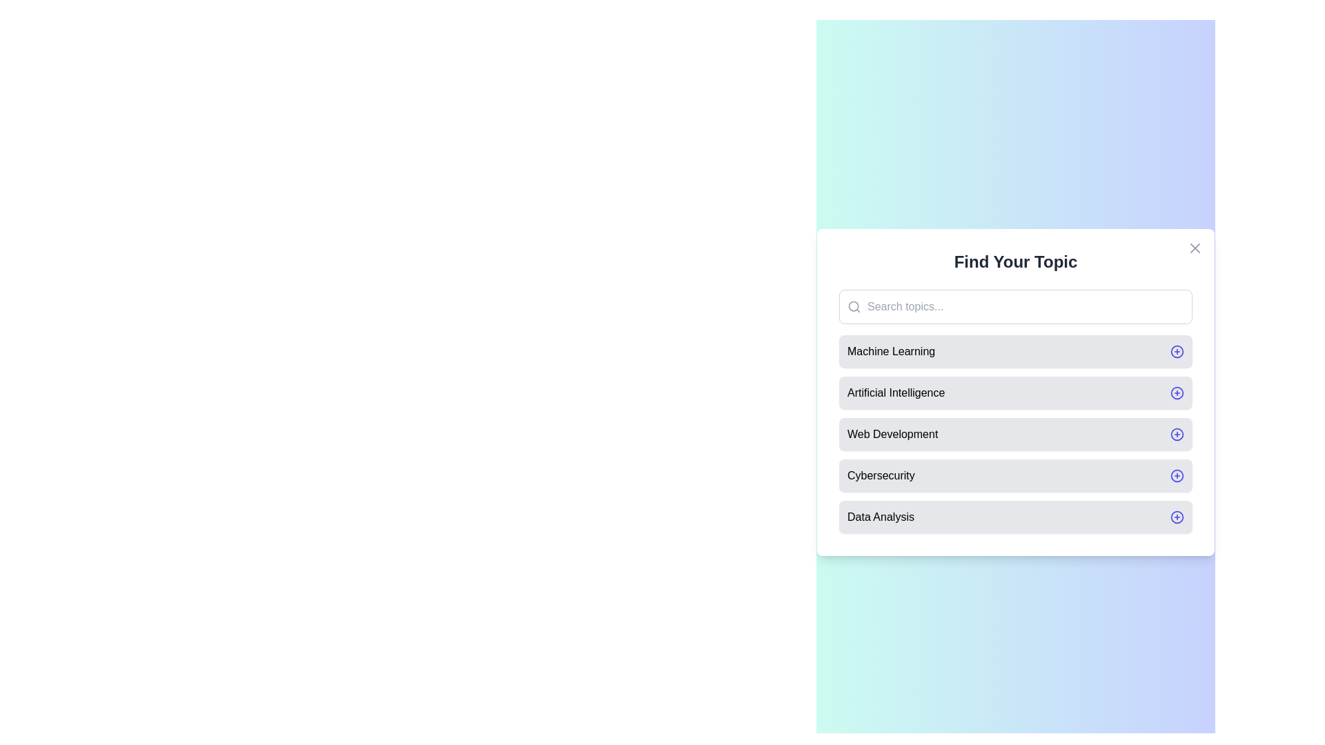 The image size is (1325, 745). What do you see at coordinates (1016, 517) in the screenshot?
I see `the topic Data Analysis from the list` at bounding box center [1016, 517].